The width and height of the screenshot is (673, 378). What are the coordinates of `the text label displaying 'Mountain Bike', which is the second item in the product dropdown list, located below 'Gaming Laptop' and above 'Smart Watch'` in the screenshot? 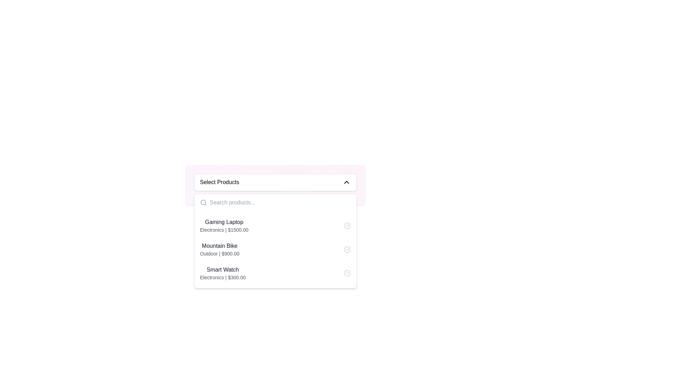 It's located at (219, 245).